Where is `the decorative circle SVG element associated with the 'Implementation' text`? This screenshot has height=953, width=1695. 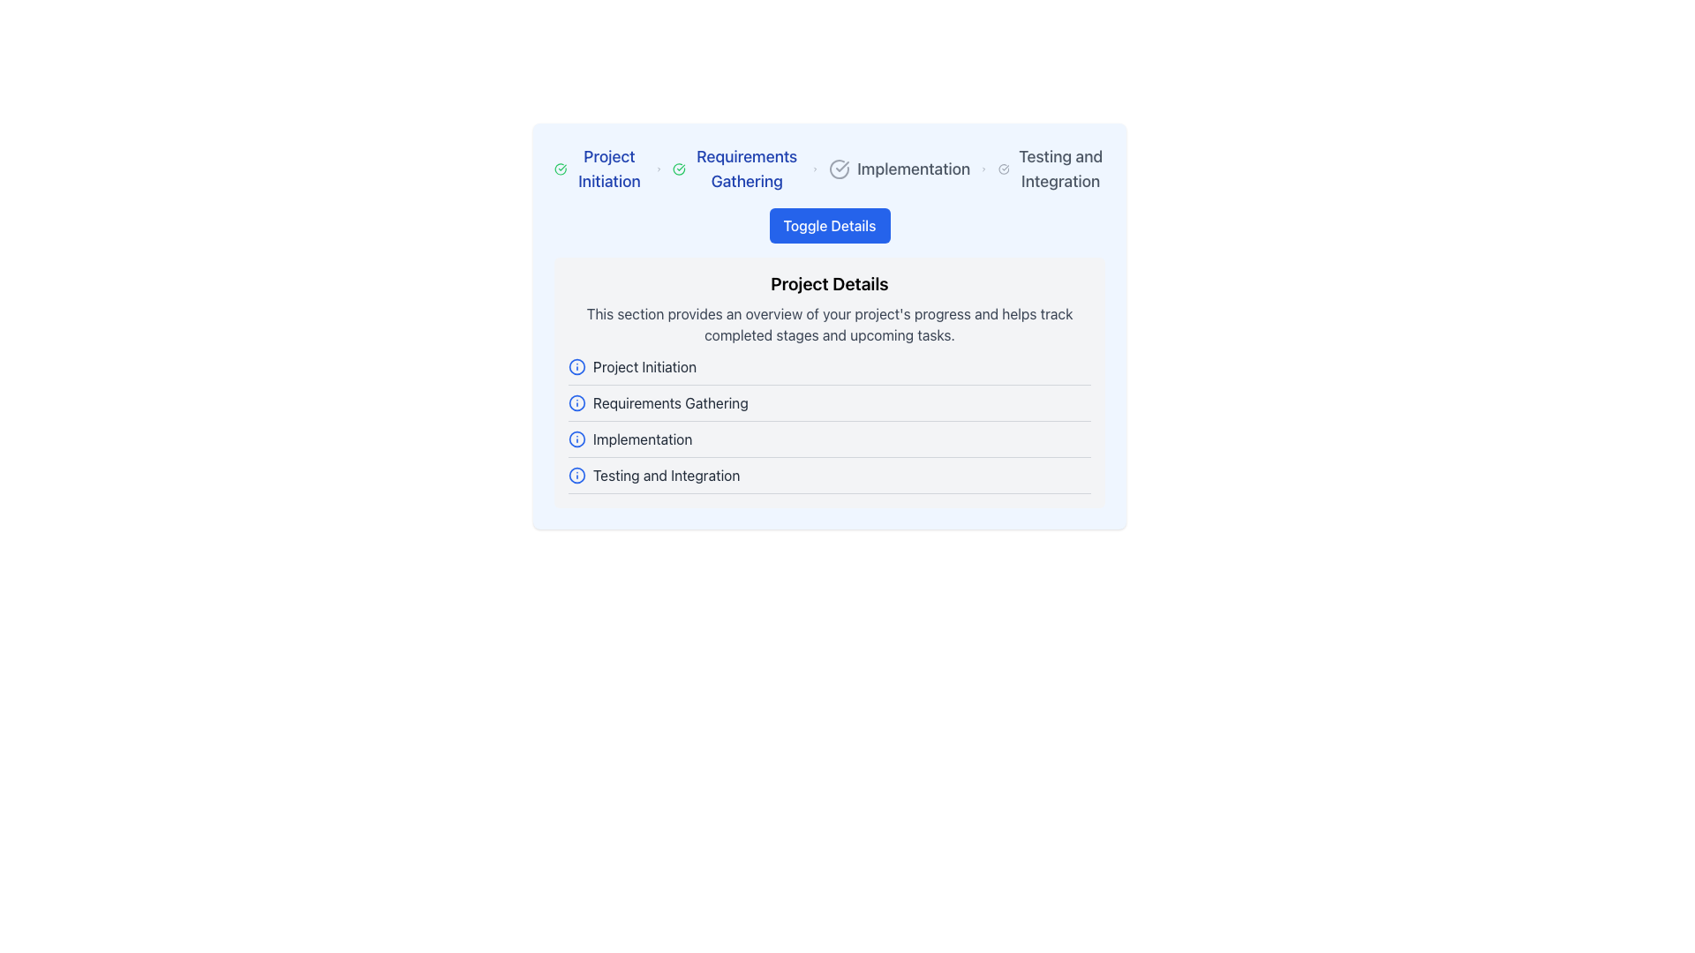
the decorative circle SVG element associated with the 'Implementation' text is located at coordinates (576, 438).